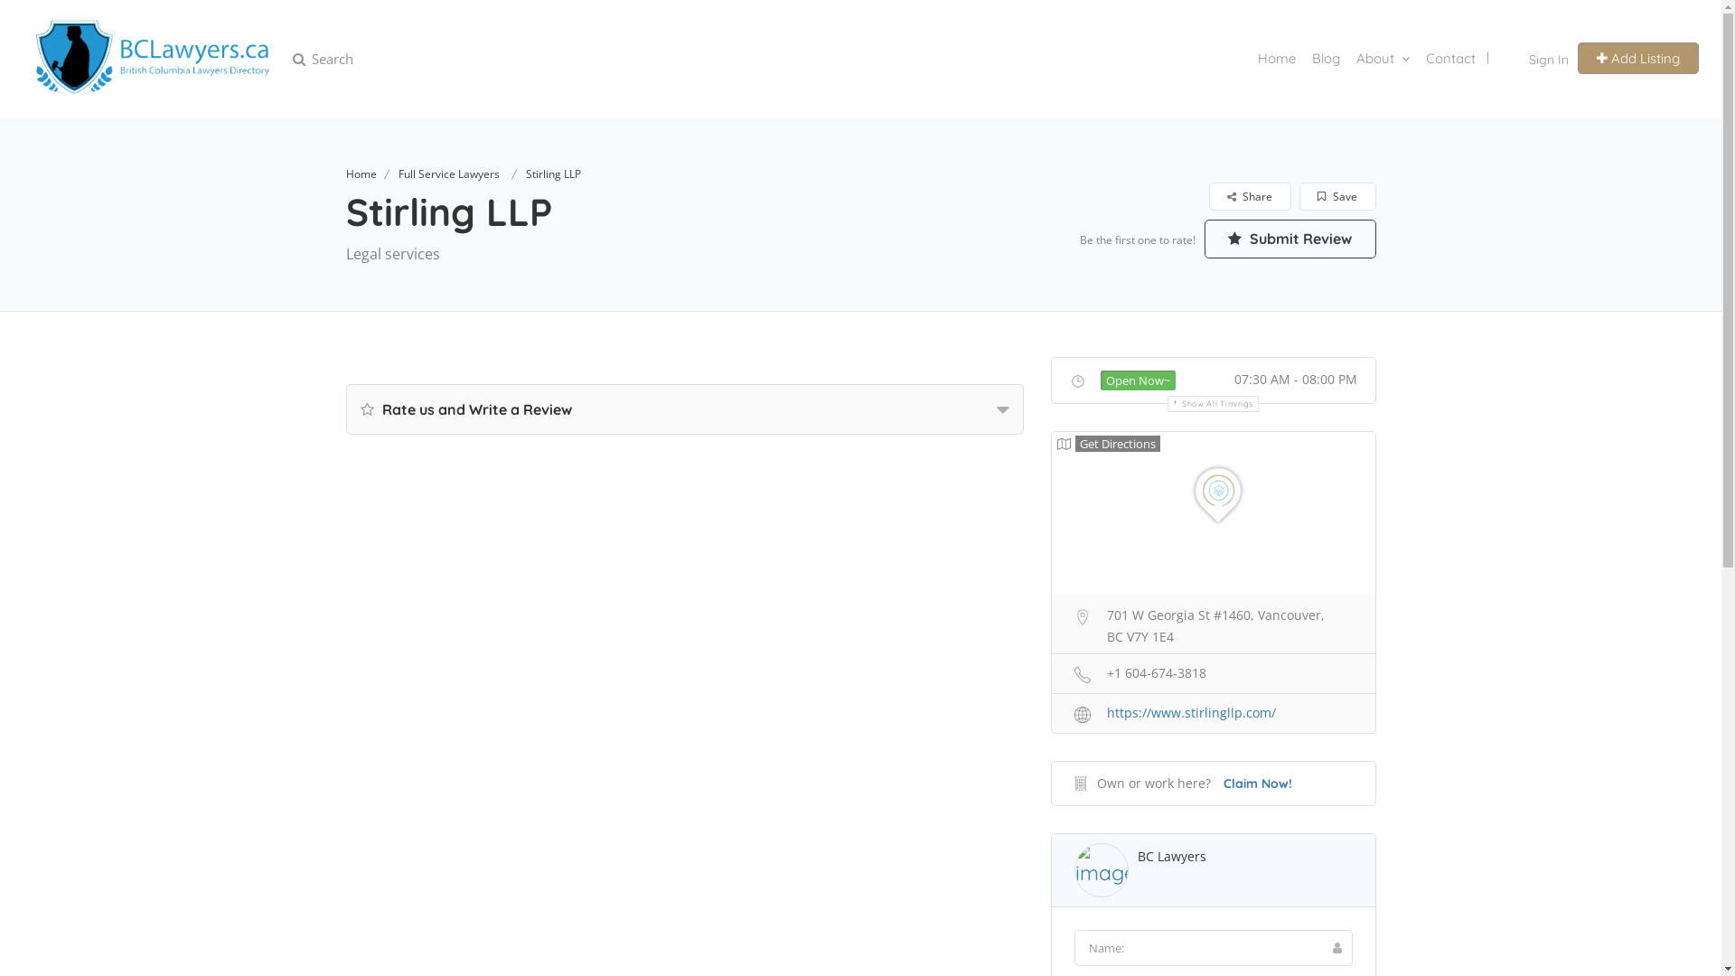 Image resolution: width=1735 pixels, height=976 pixels. What do you see at coordinates (1214, 623) in the screenshot?
I see `'701 W Georgia St #1460, Vancouver, BC V7Y 1E4'` at bounding box center [1214, 623].